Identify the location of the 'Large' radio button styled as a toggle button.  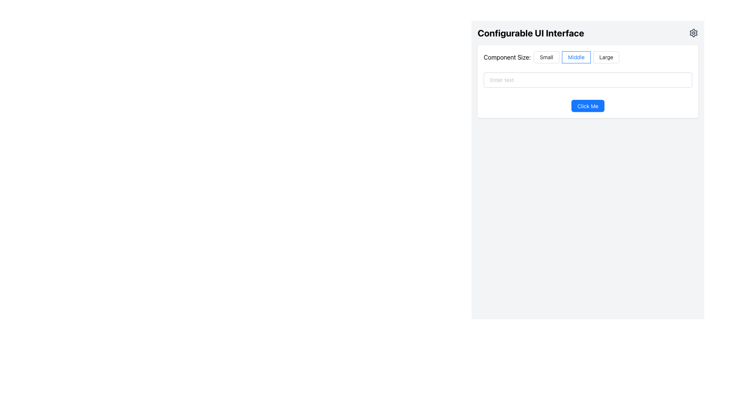
(606, 57).